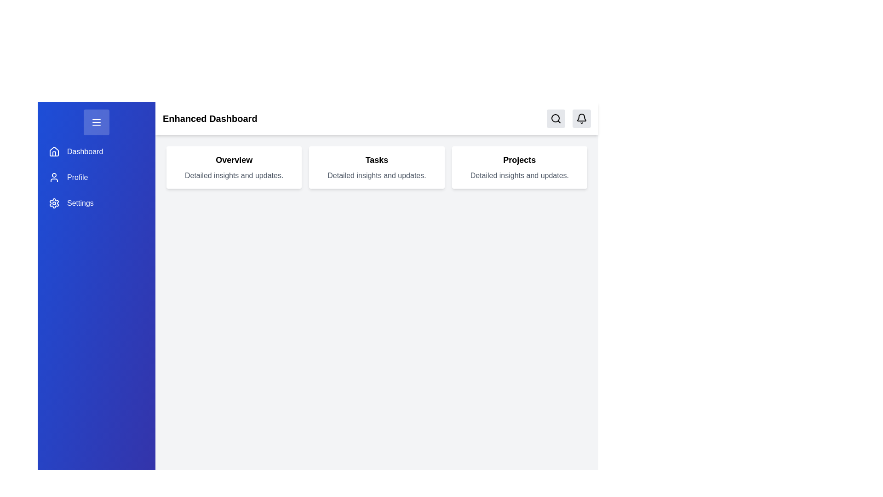 The width and height of the screenshot is (883, 497). Describe the element at coordinates (556, 118) in the screenshot. I see `the search icon-button located in the top-right section of the interface, immediately to the left of the bell icon, to initiate a search action` at that location.